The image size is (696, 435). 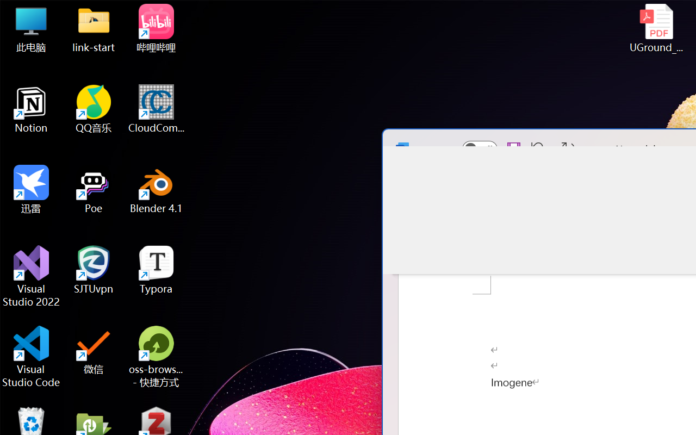 What do you see at coordinates (156, 109) in the screenshot?
I see `'CloudCompare'` at bounding box center [156, 109].